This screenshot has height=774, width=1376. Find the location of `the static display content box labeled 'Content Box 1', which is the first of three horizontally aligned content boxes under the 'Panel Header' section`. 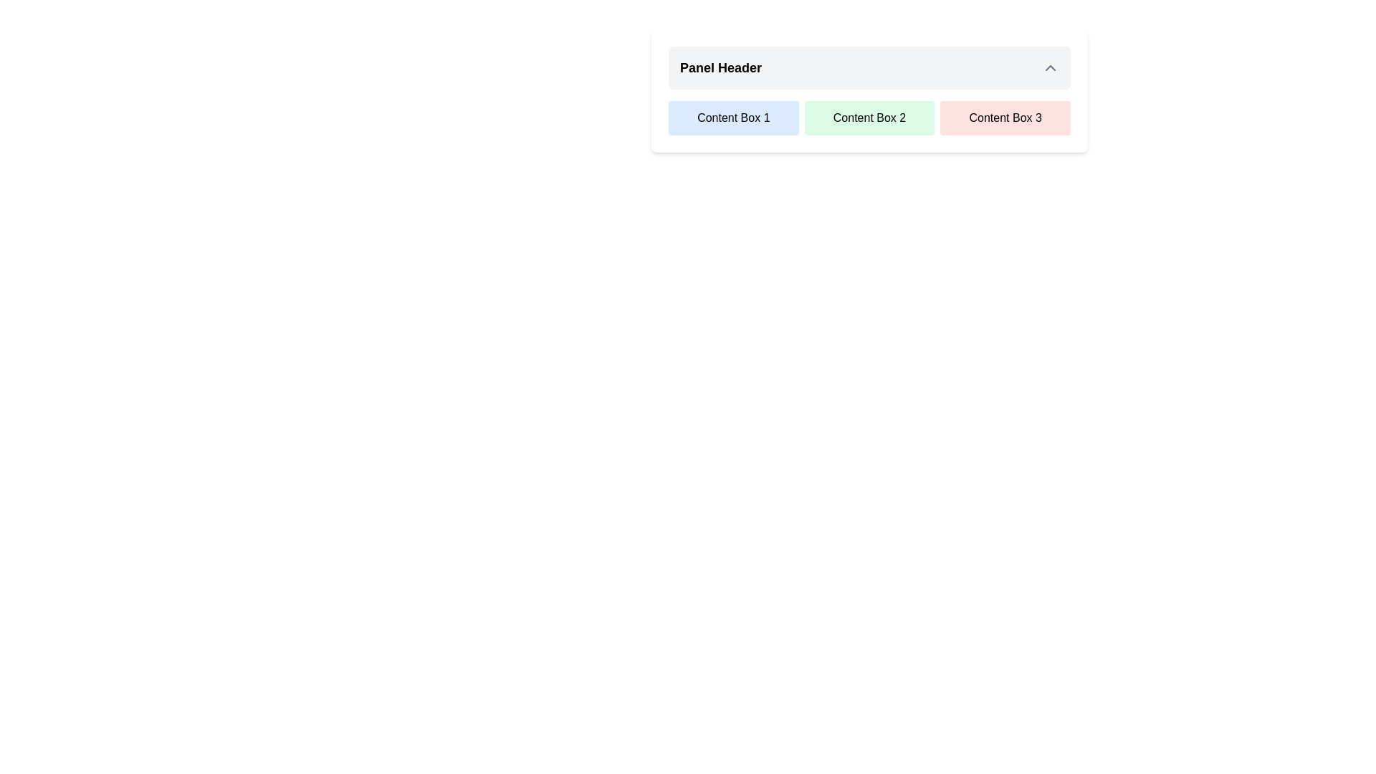

the static display content box labeled 'Content Box 1', which is the first of three horizontally aligned content boxes under the 'Panel Header' section is located at coordinates (733, 118).